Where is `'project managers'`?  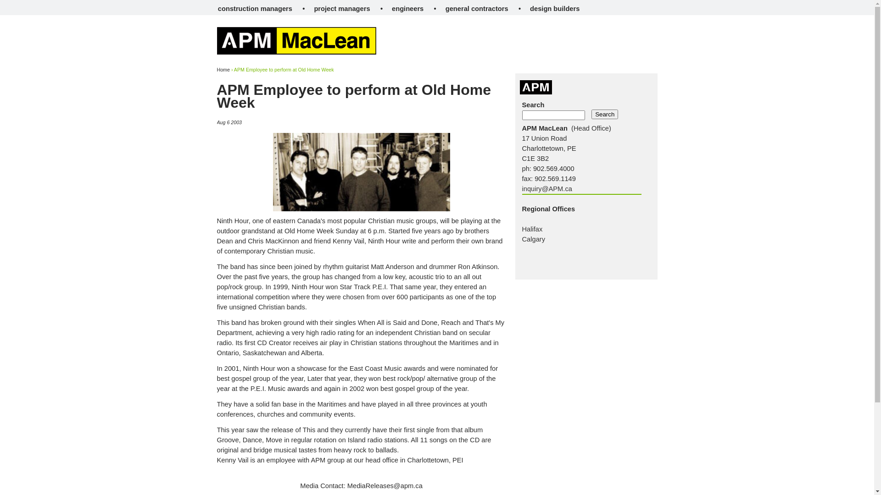 'project managers' is located at coordinates (341, 9).